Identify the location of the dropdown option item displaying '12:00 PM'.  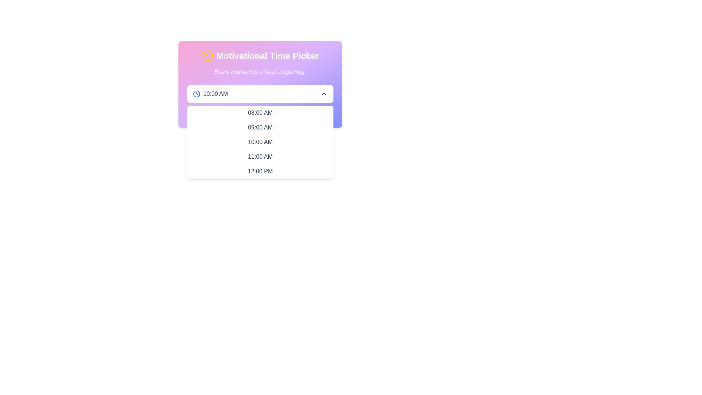
(260, 172).